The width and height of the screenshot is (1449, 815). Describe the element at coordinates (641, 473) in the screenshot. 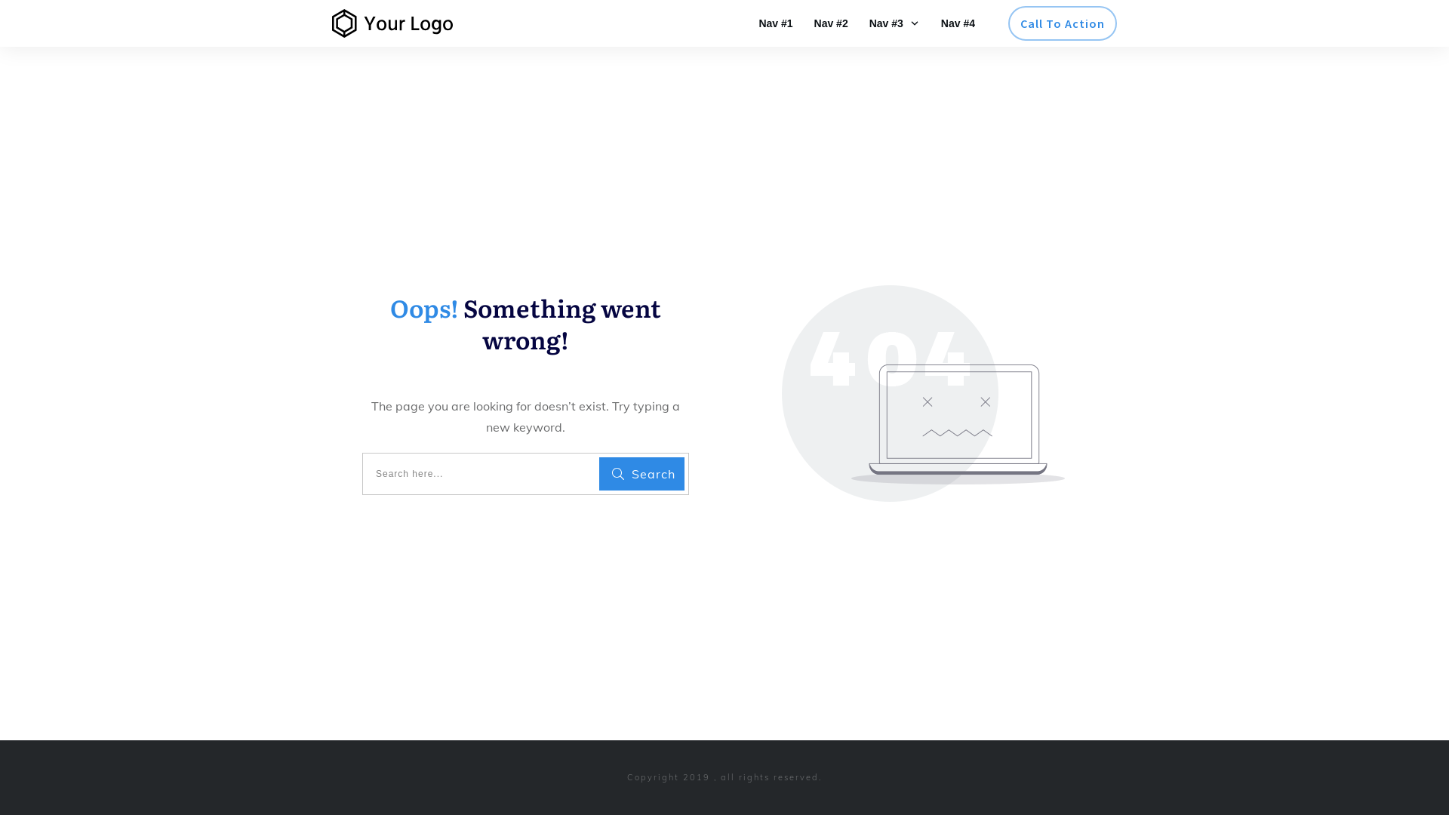

I see `'Search'` at that location.